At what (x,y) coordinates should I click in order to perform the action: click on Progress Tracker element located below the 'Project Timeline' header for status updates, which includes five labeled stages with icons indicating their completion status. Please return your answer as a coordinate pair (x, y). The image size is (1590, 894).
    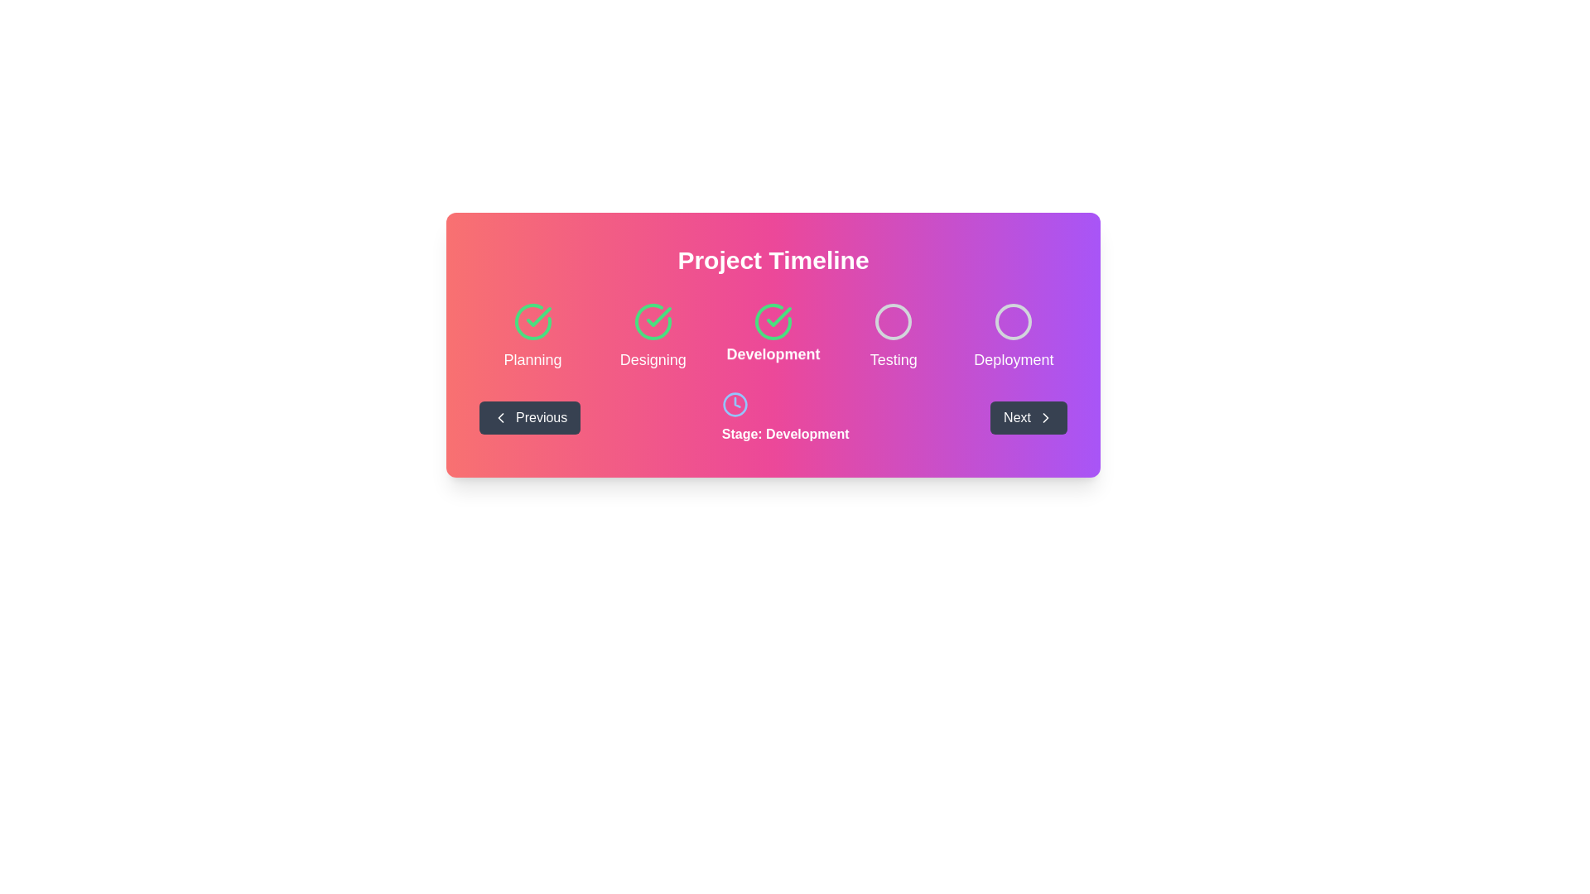
    Looking at the image, I should click on (773, 336).